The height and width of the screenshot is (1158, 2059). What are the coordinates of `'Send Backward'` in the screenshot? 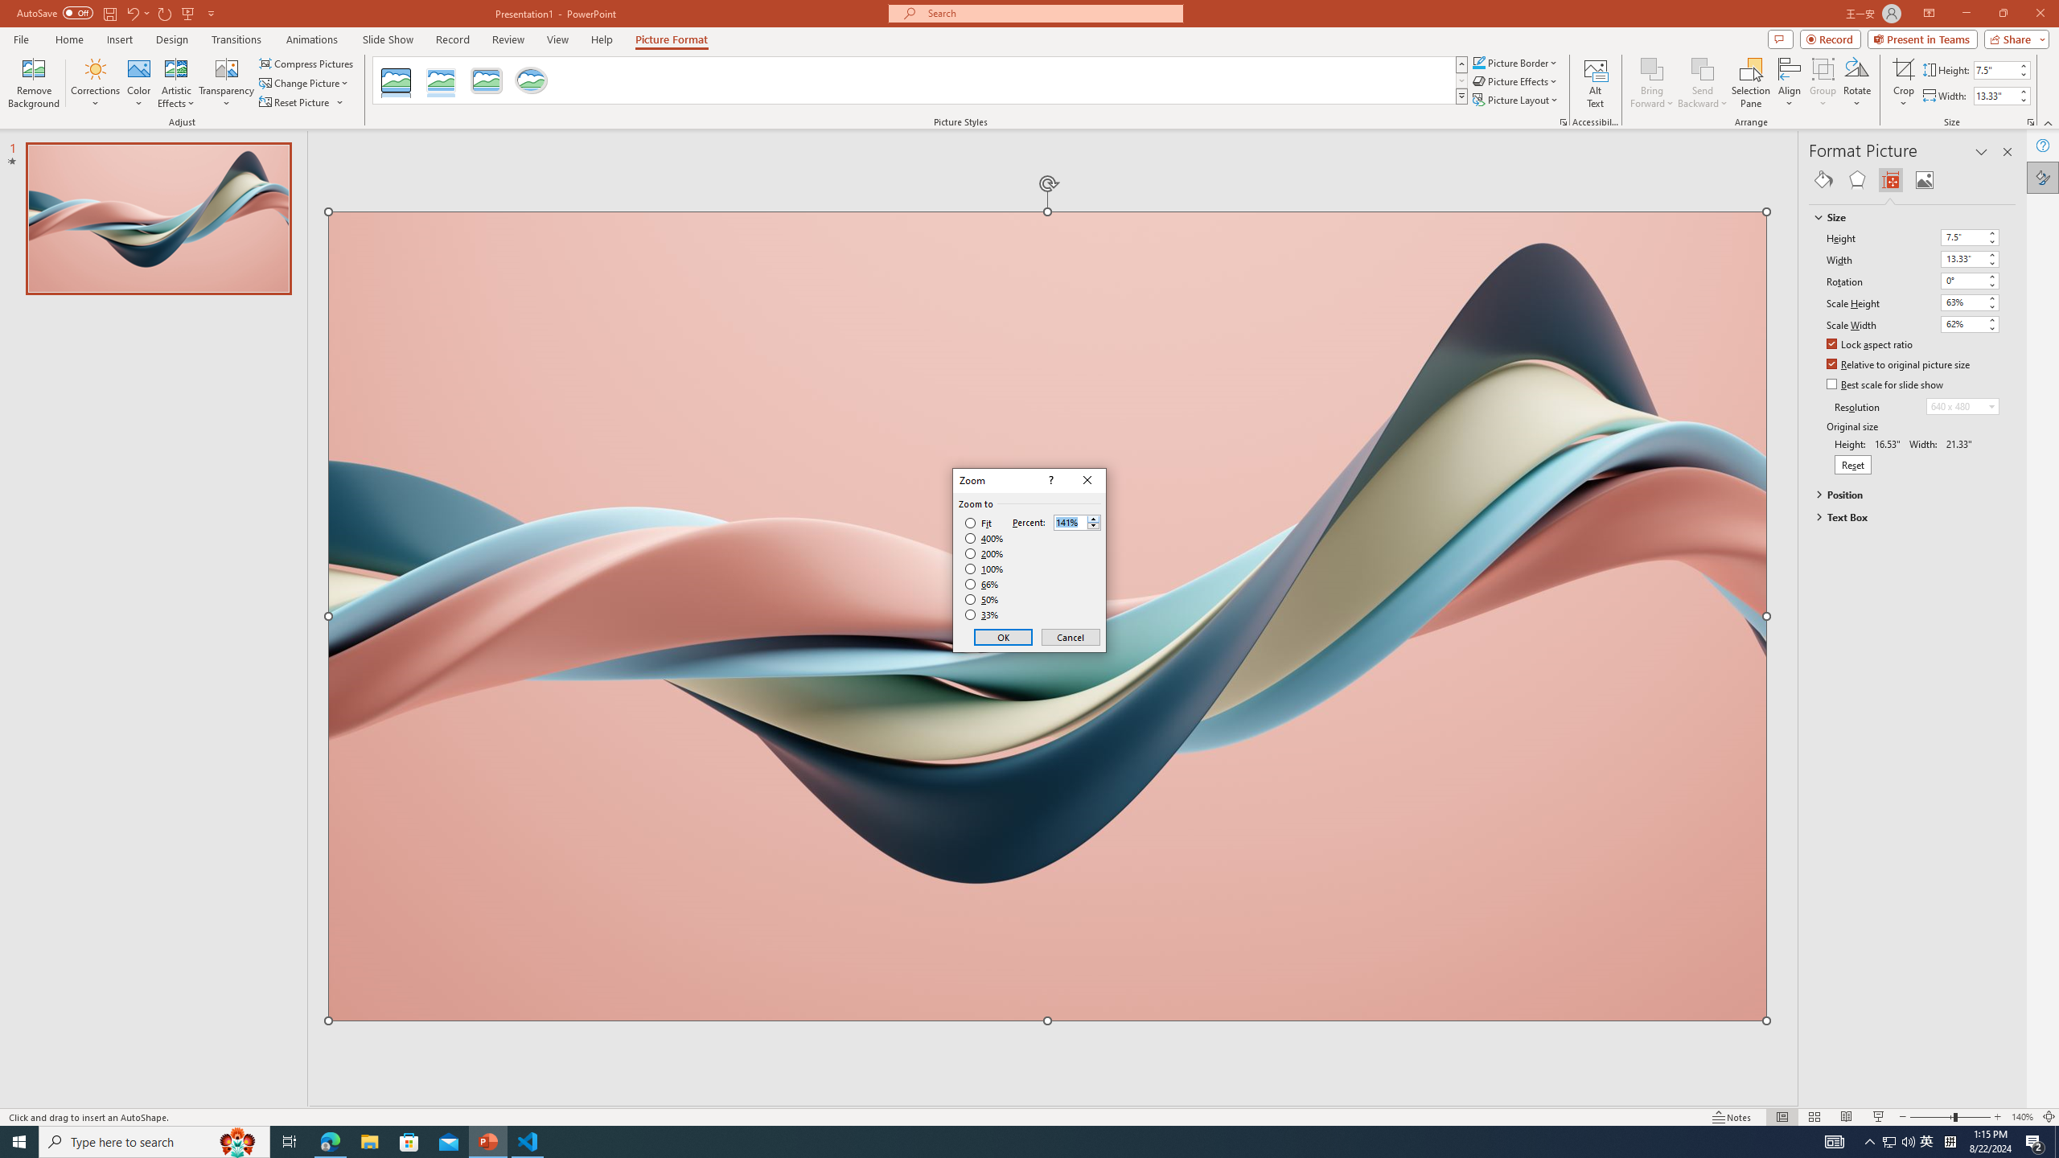 It's located at (1702, 68).